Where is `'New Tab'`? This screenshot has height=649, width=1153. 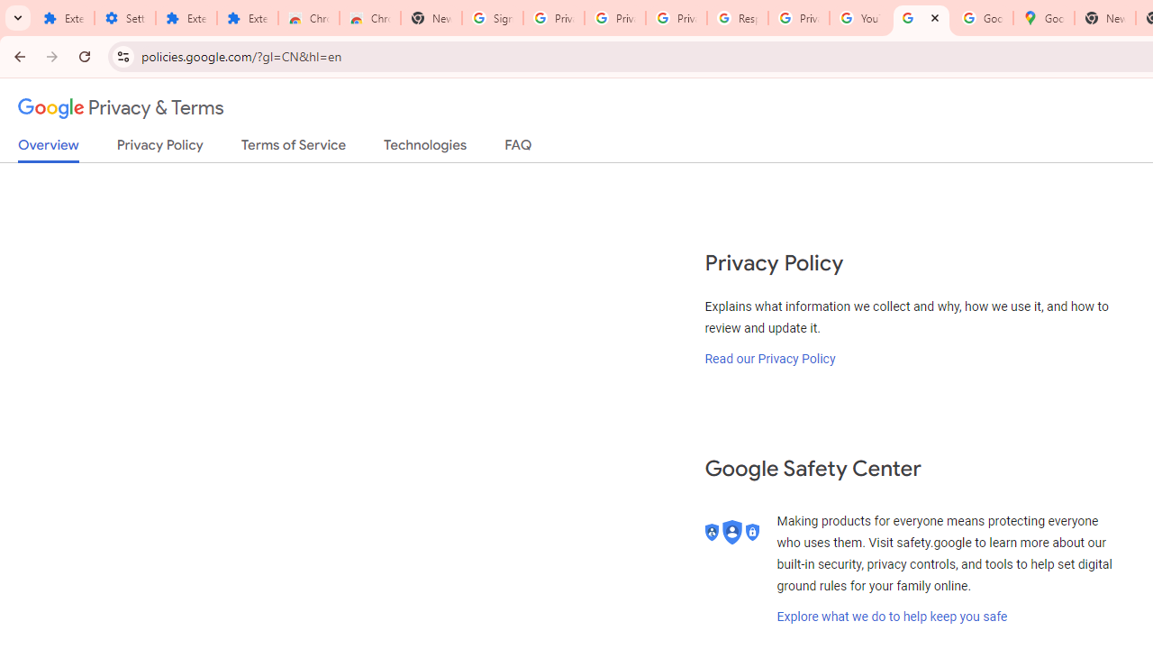
'New Tab' is located at coordinates (431, 18).